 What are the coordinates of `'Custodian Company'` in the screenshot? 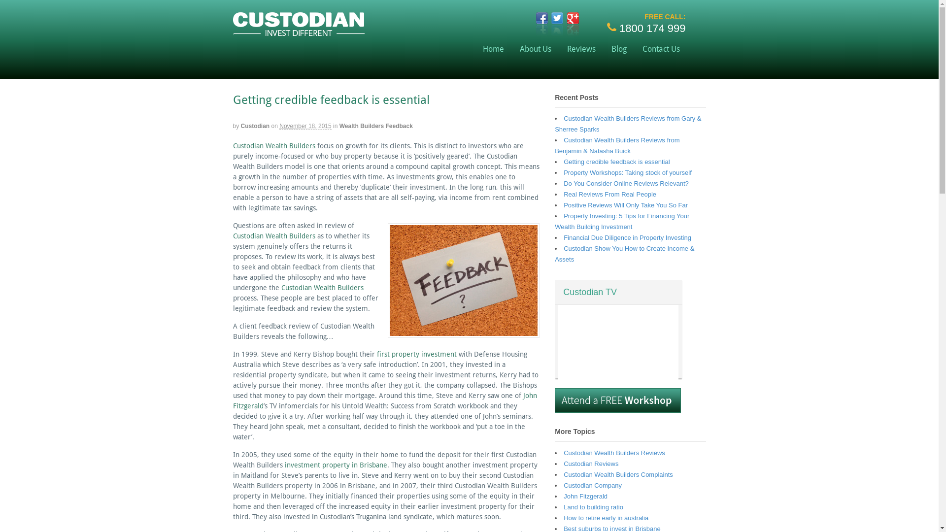 It's located at (592, 485).